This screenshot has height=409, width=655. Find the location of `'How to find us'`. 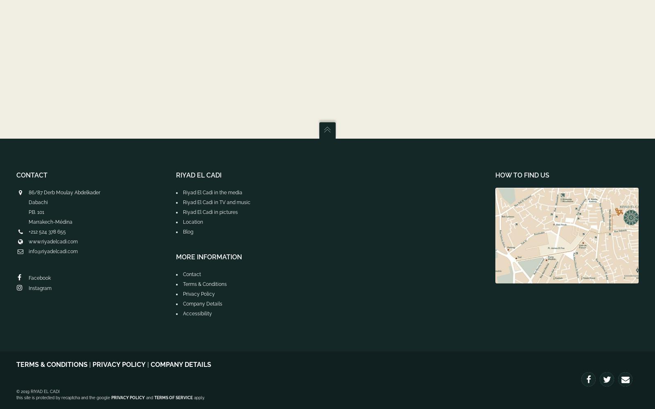

'How to find us' is located at coordinates (522, 175).